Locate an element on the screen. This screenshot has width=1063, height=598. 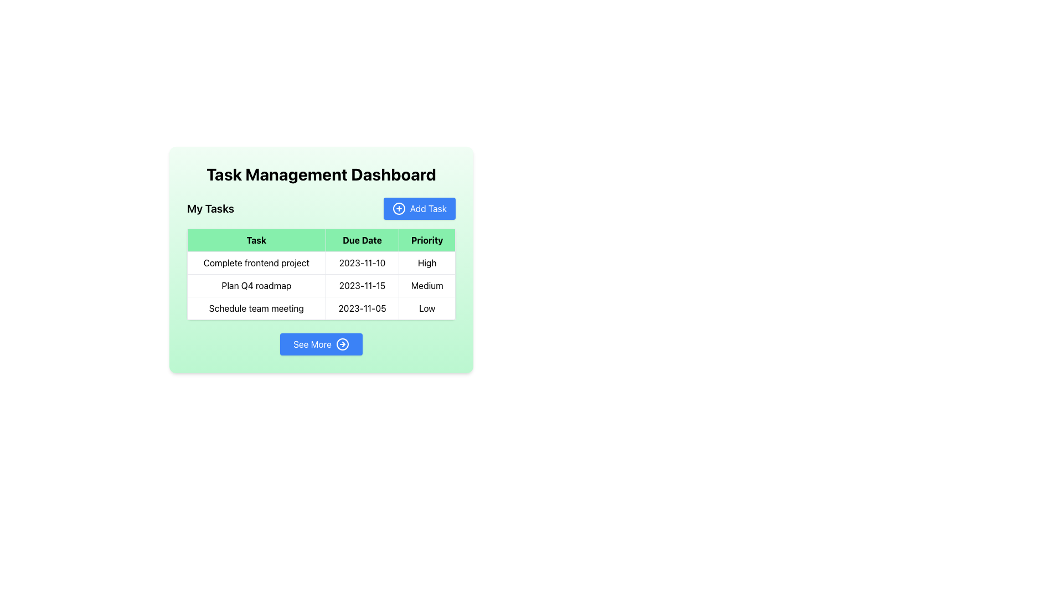
task name from the third table cell in the 'Task' column of the 'Task Management Dashboard' module is located at coordinates (256, 308).